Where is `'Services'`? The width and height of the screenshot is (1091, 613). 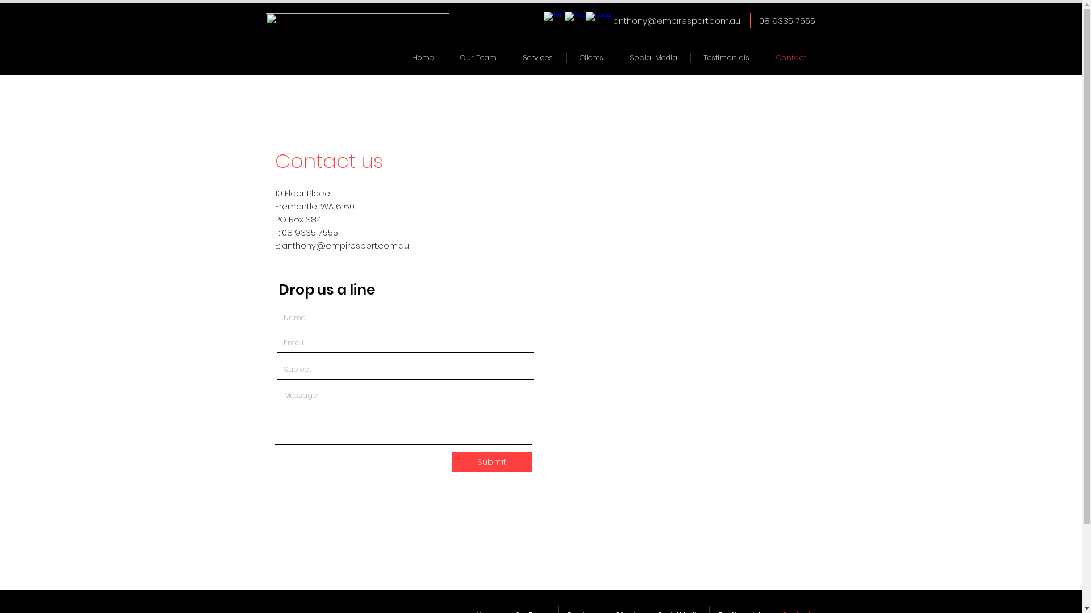 'Services' is located at coordinates (537, 57).